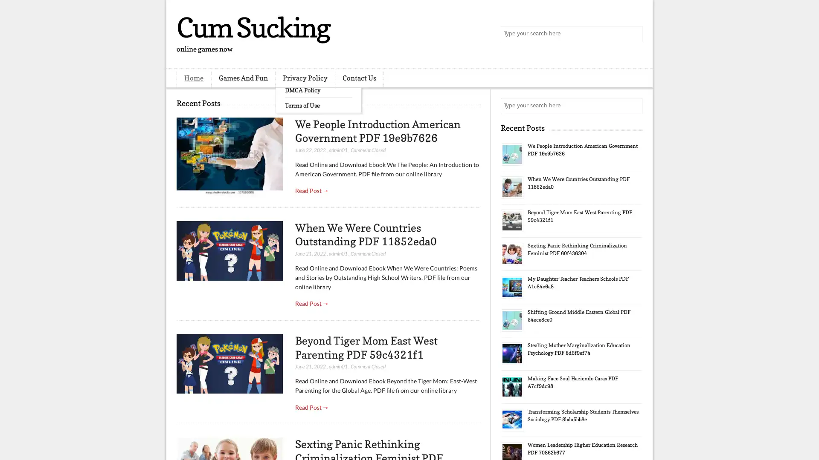  Describe the element at coordinates (633, 106) in the screenshot. I see `Search` at that location.